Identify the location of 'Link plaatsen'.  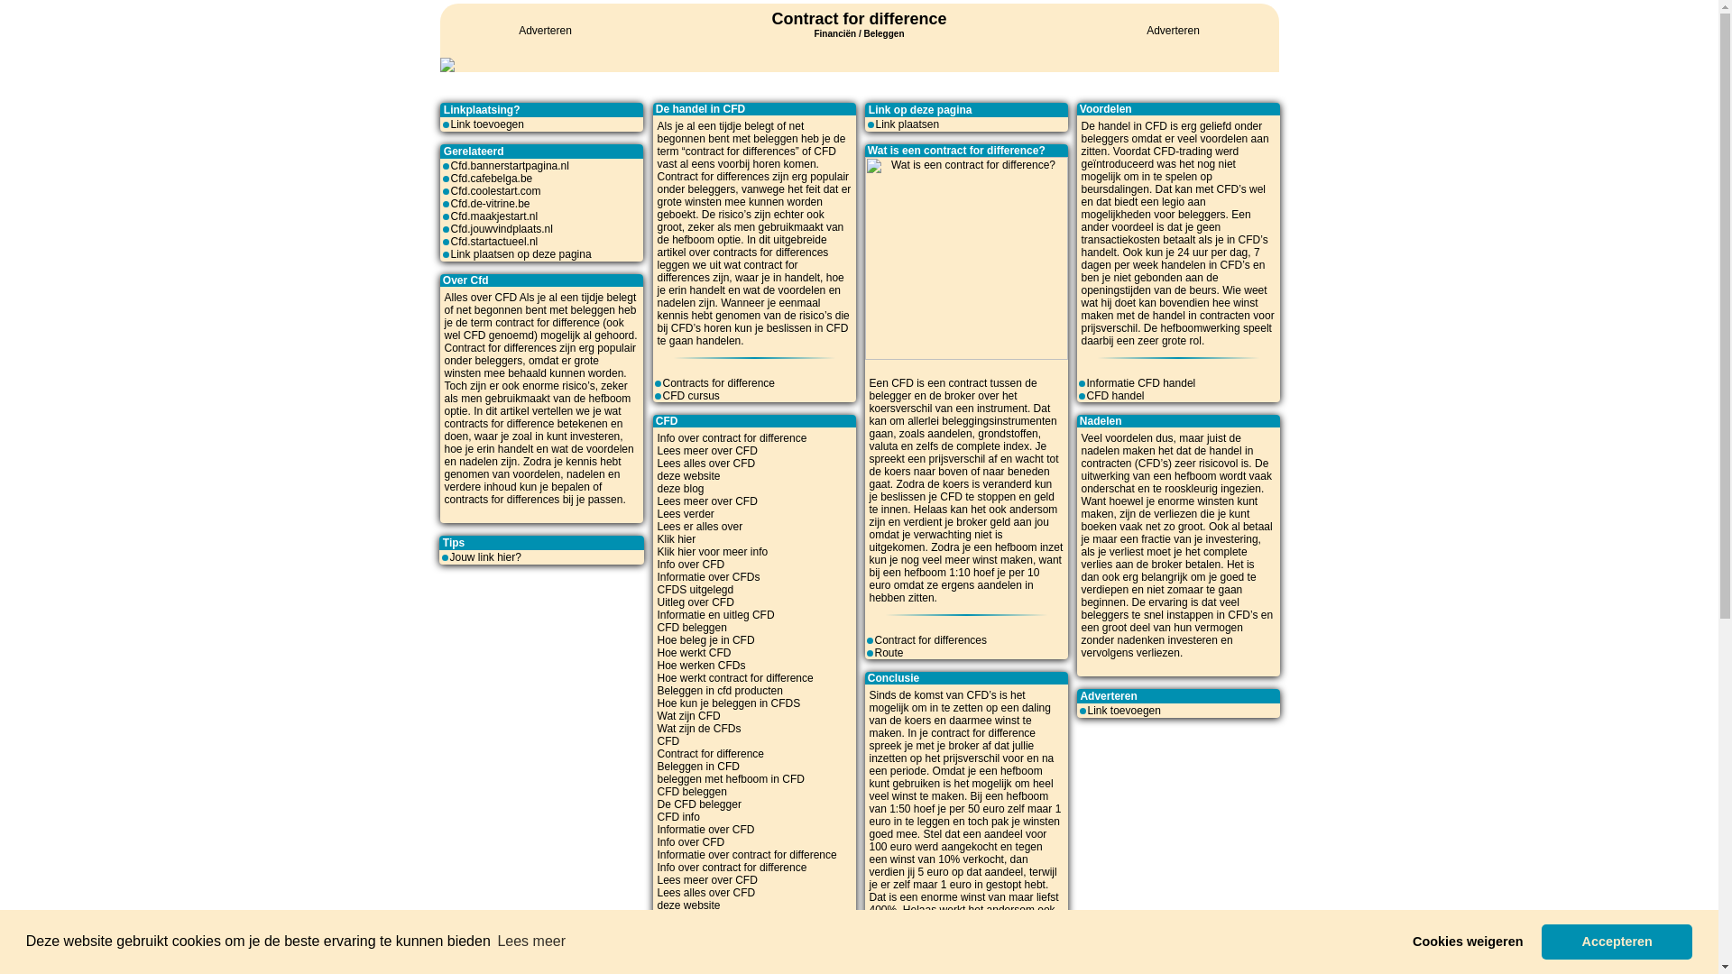
(907, 124).